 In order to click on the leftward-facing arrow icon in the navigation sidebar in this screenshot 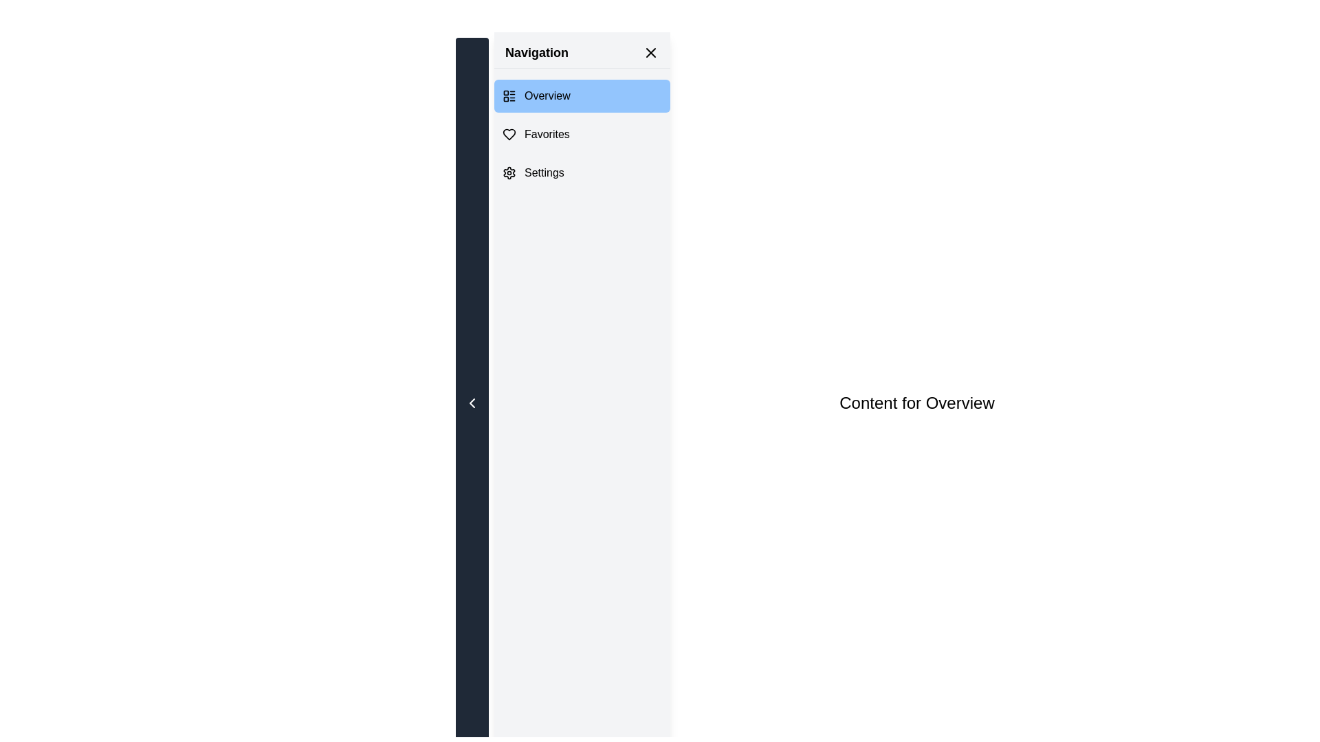, I will do `click(472, 402)`.